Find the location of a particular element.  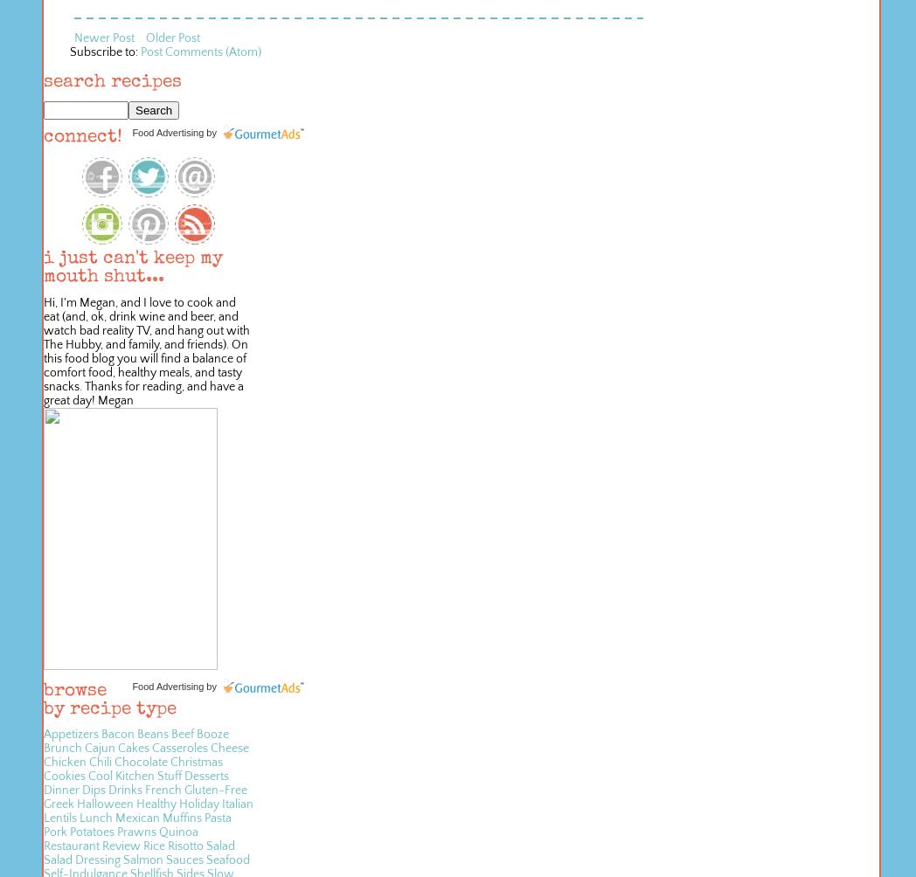

'Cheese' is located at coordinates (211, 749).